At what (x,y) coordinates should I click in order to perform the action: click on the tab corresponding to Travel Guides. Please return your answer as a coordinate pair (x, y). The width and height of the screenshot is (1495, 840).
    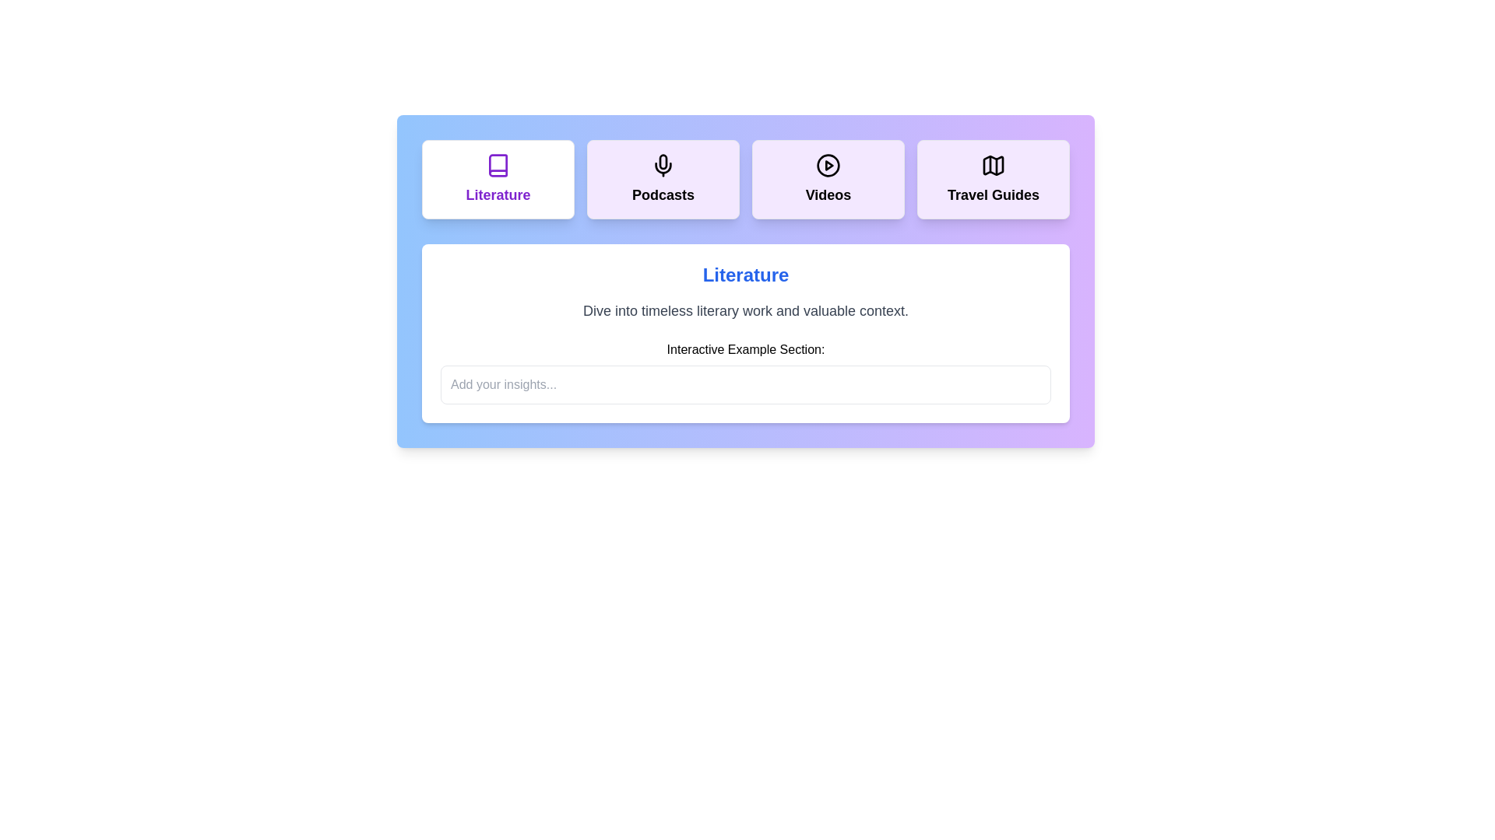
    Looking at the image, I should click on (993, 179).